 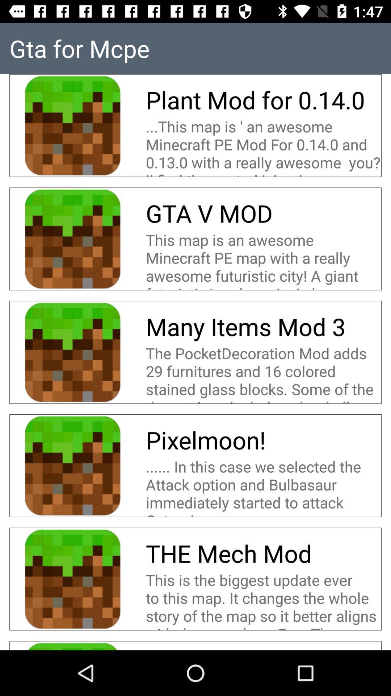 I want to click on item below many items mod icon, so click(x=264, y=373).